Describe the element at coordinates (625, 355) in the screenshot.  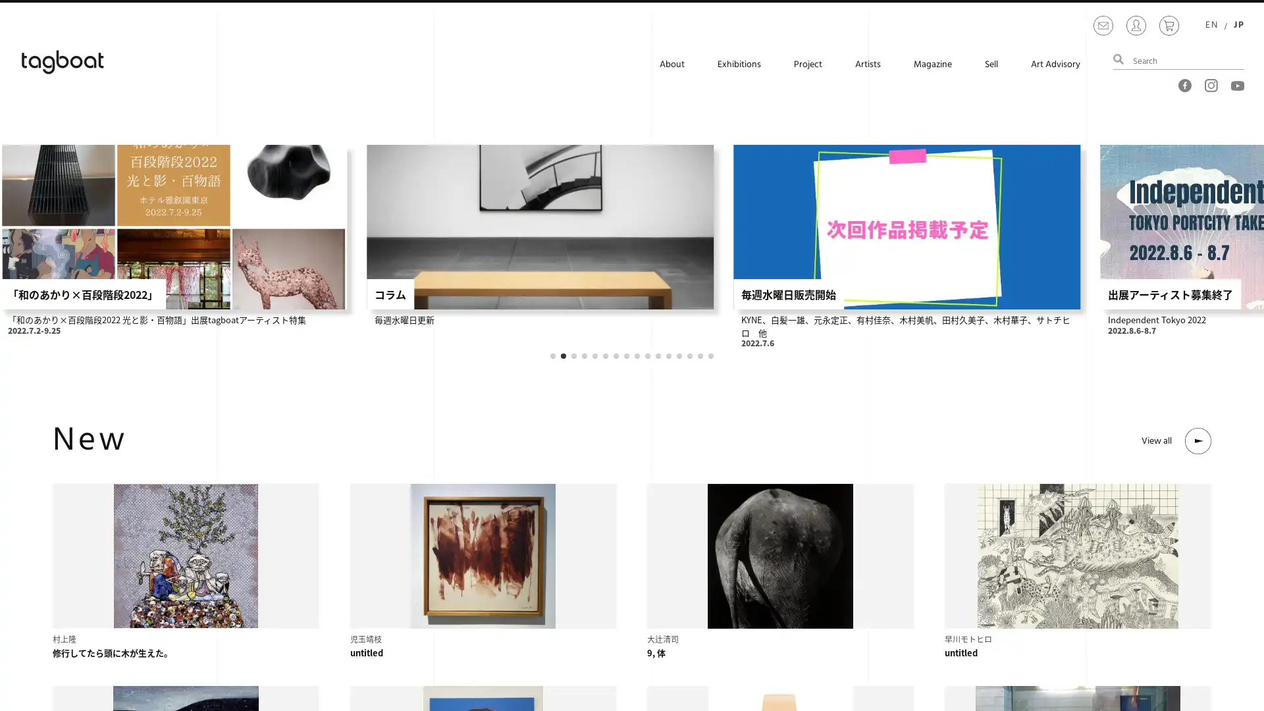
I see `Go to slide 8` at that location.